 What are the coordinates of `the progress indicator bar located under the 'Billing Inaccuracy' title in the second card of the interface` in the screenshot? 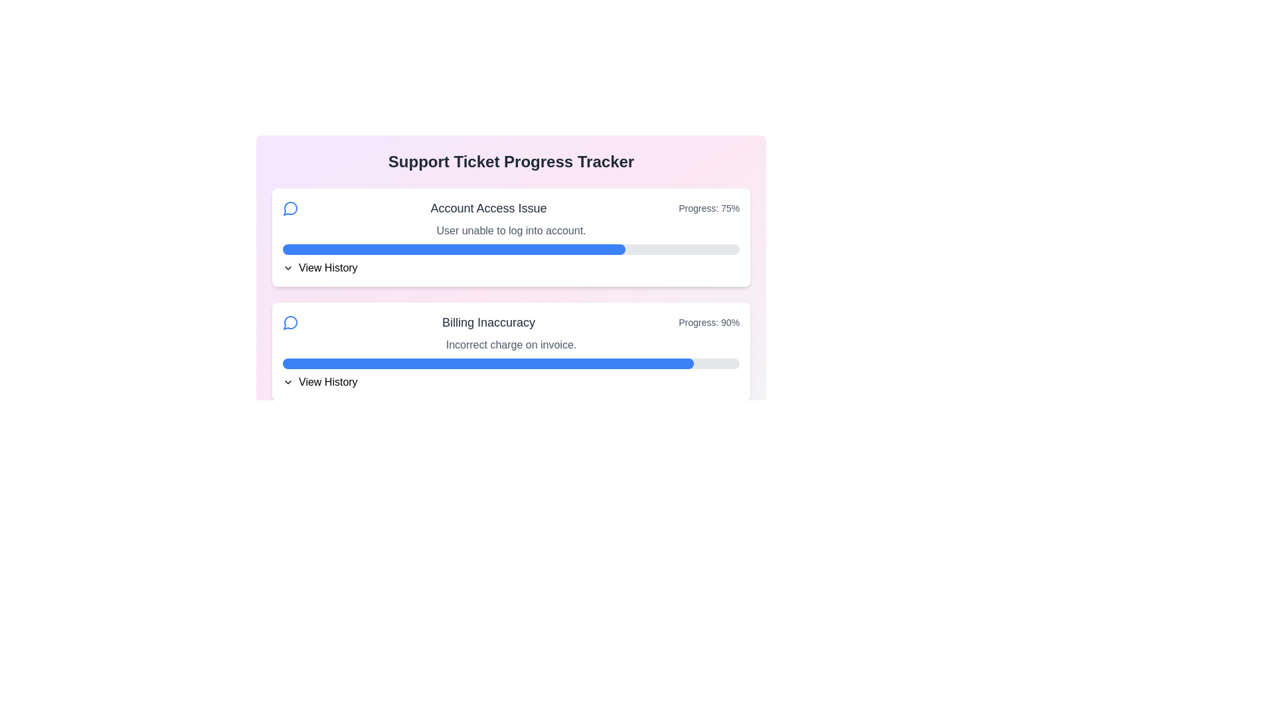 It's located at (487, 363).